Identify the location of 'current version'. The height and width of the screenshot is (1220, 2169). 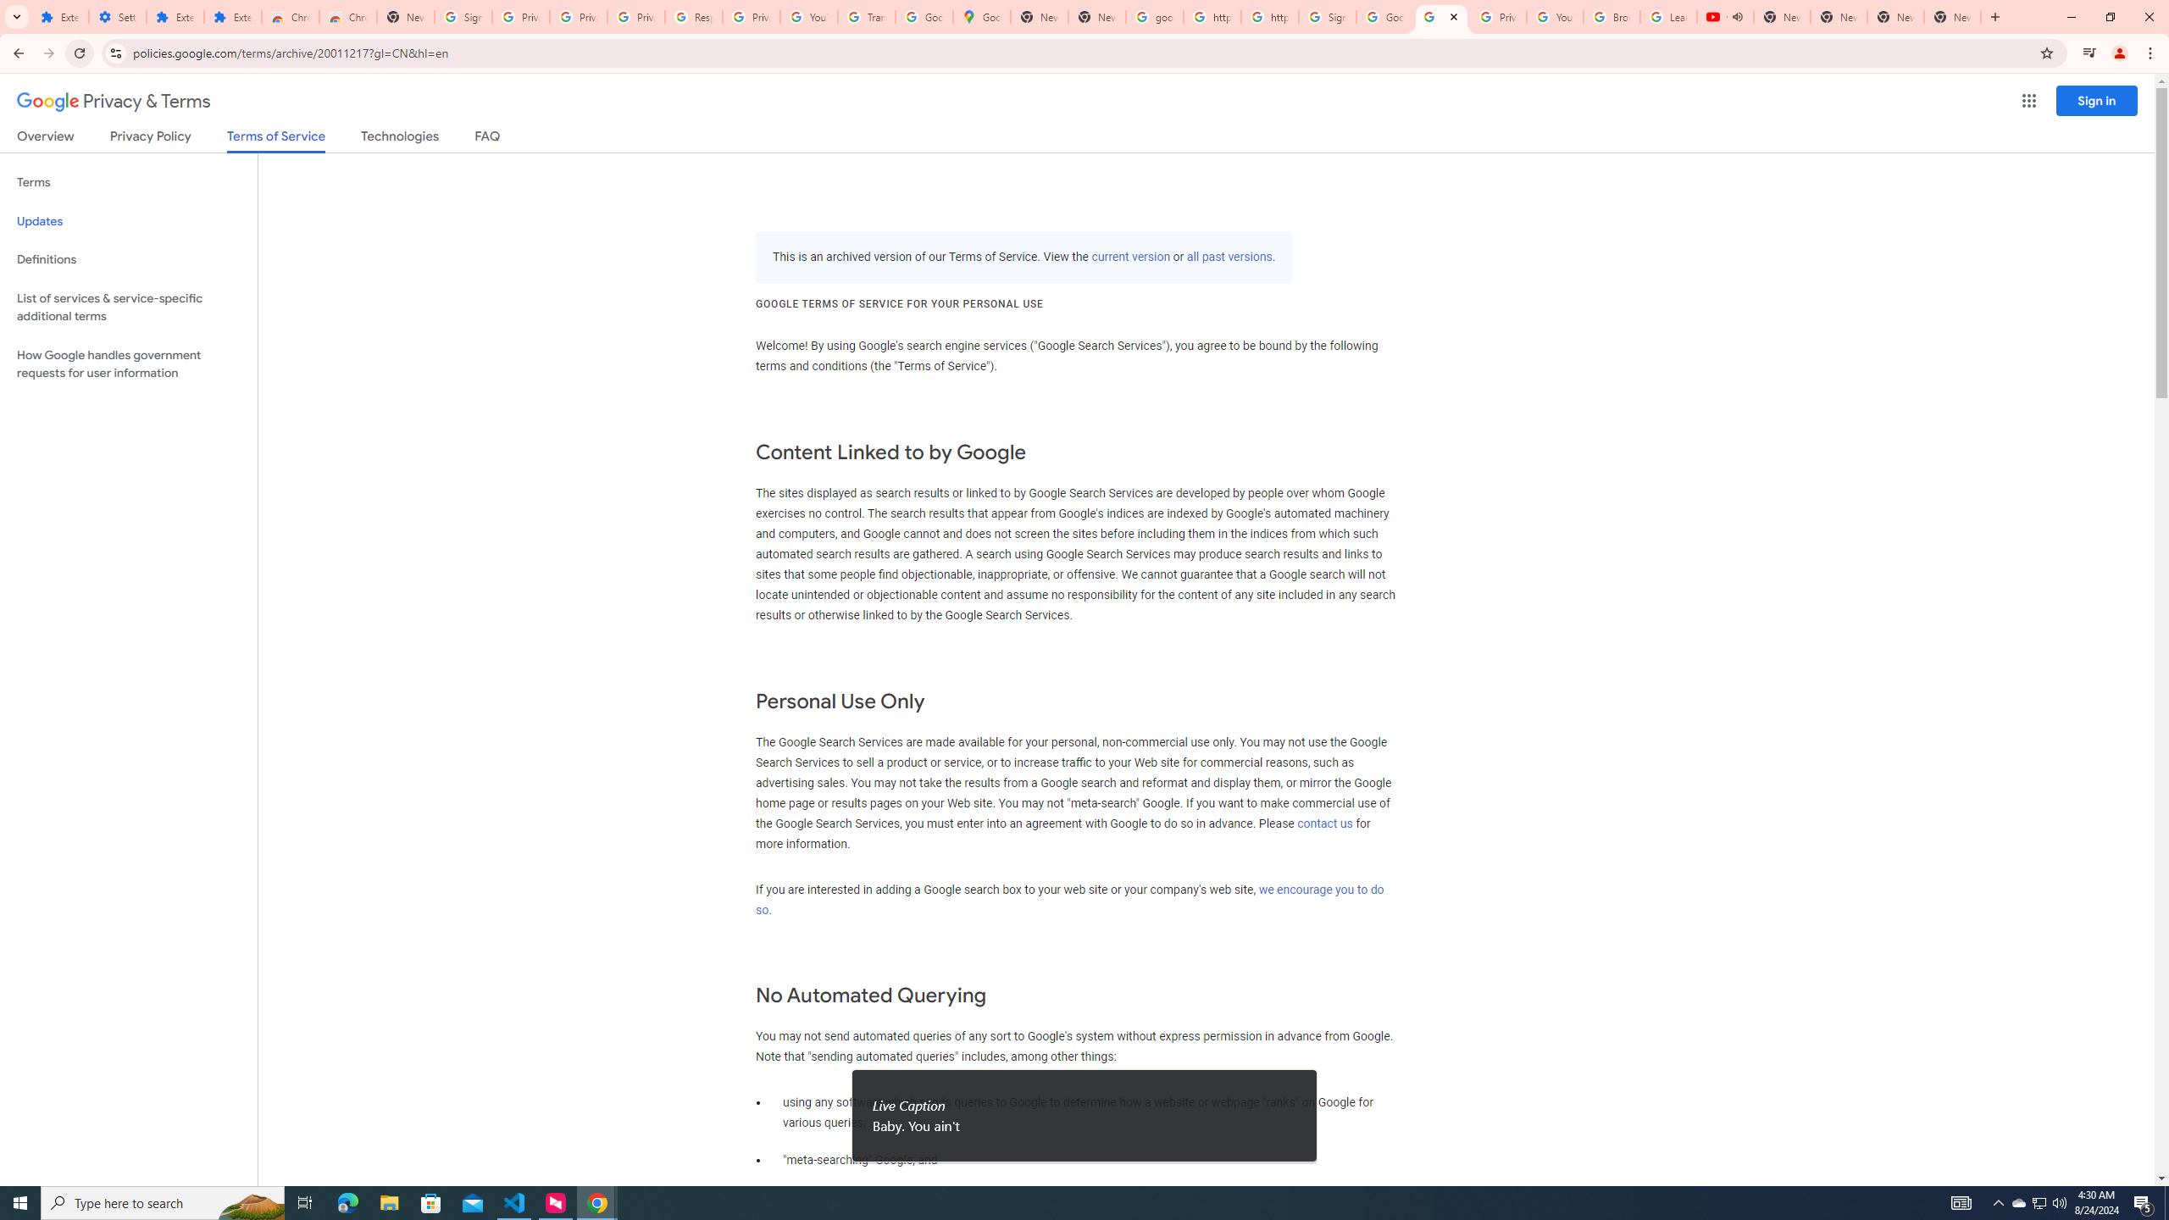
(1130, 256).